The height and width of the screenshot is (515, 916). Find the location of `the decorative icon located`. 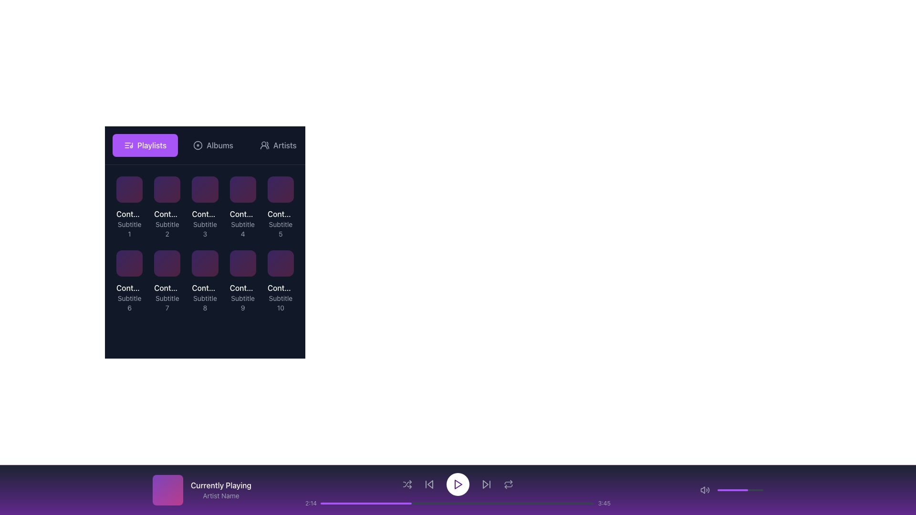

the decorative icon located is located at coordinates (198, 145).